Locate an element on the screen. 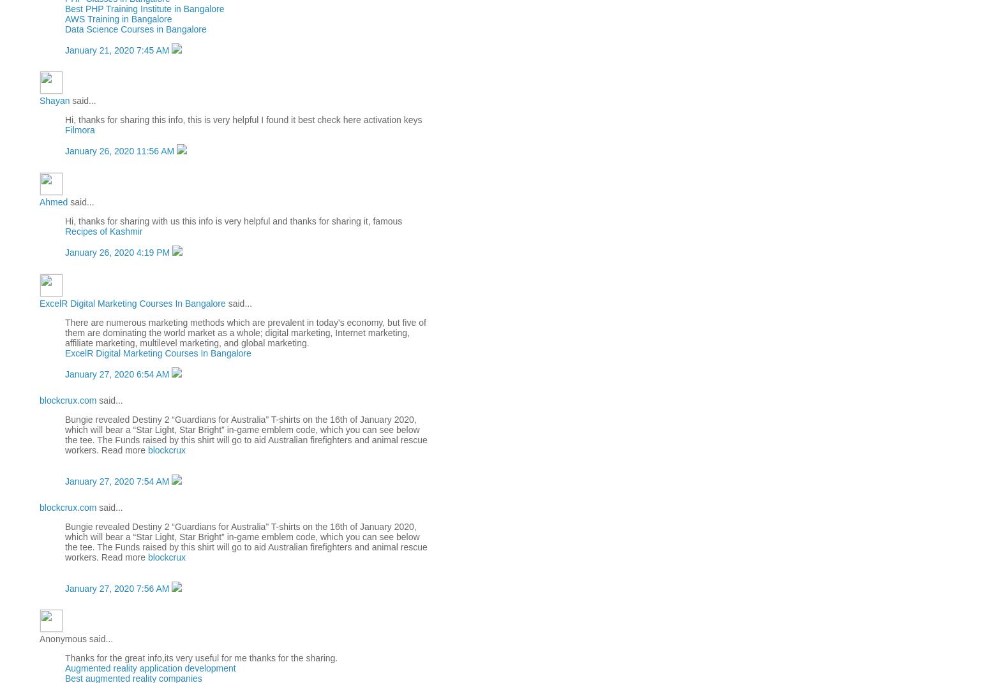 This screenshot has width=986, height=683. 'Ahmed' is located at coordinates (38, 202).